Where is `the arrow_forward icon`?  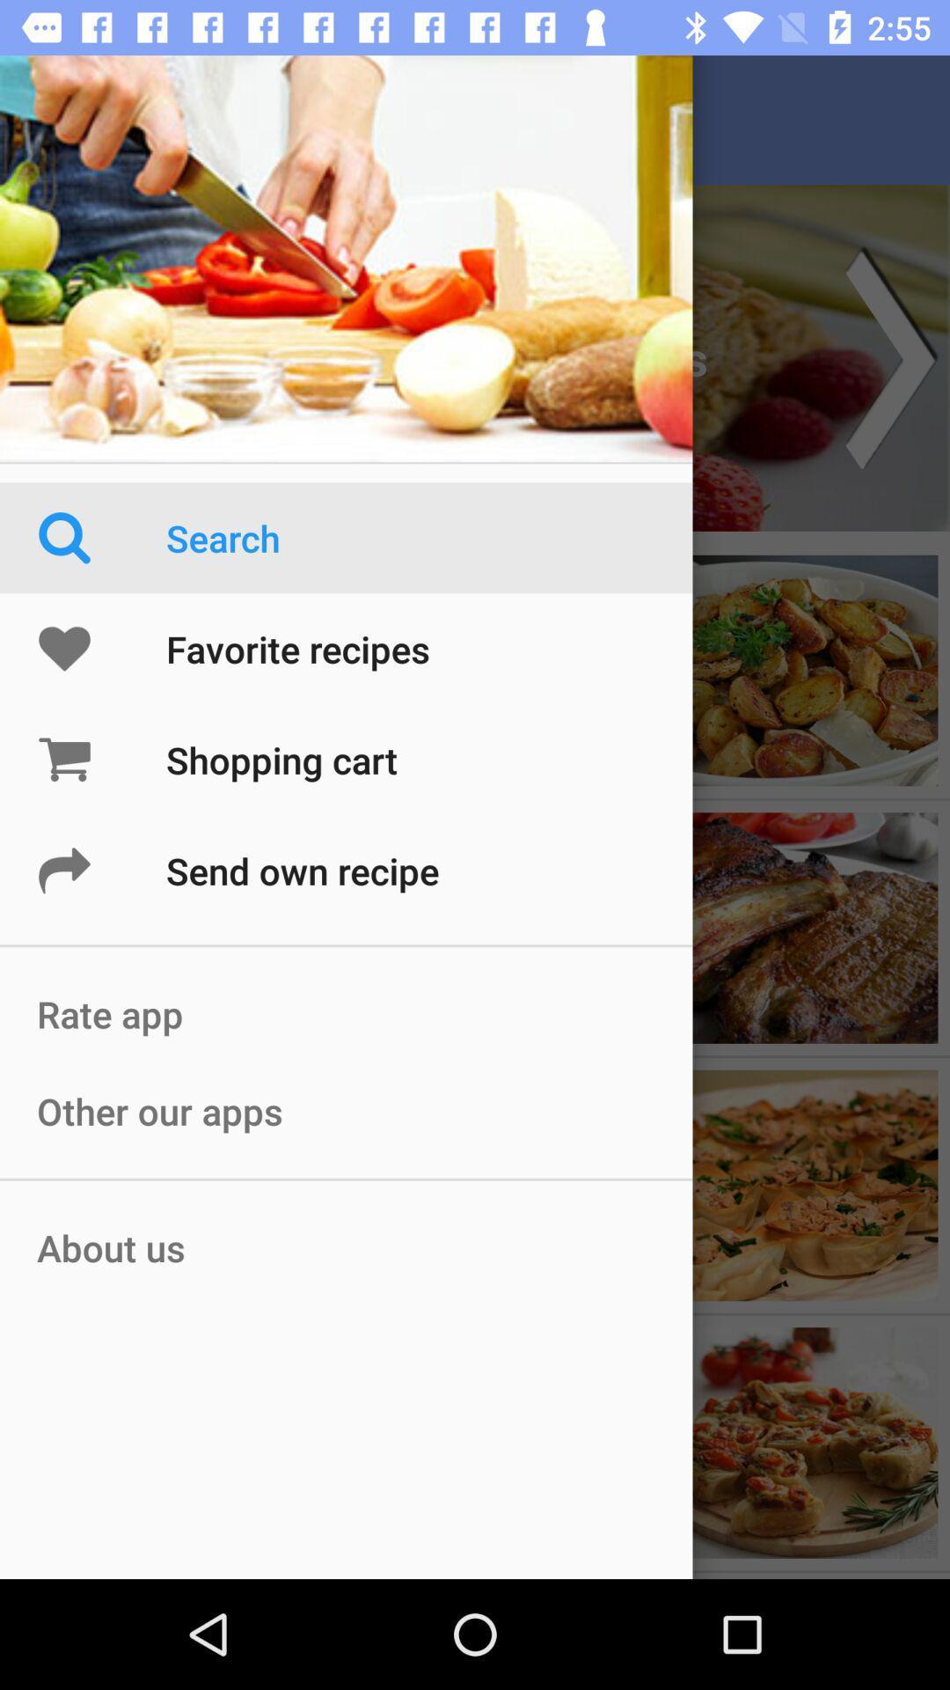 the arrow_forward icon is located at coordinates (892, 356).